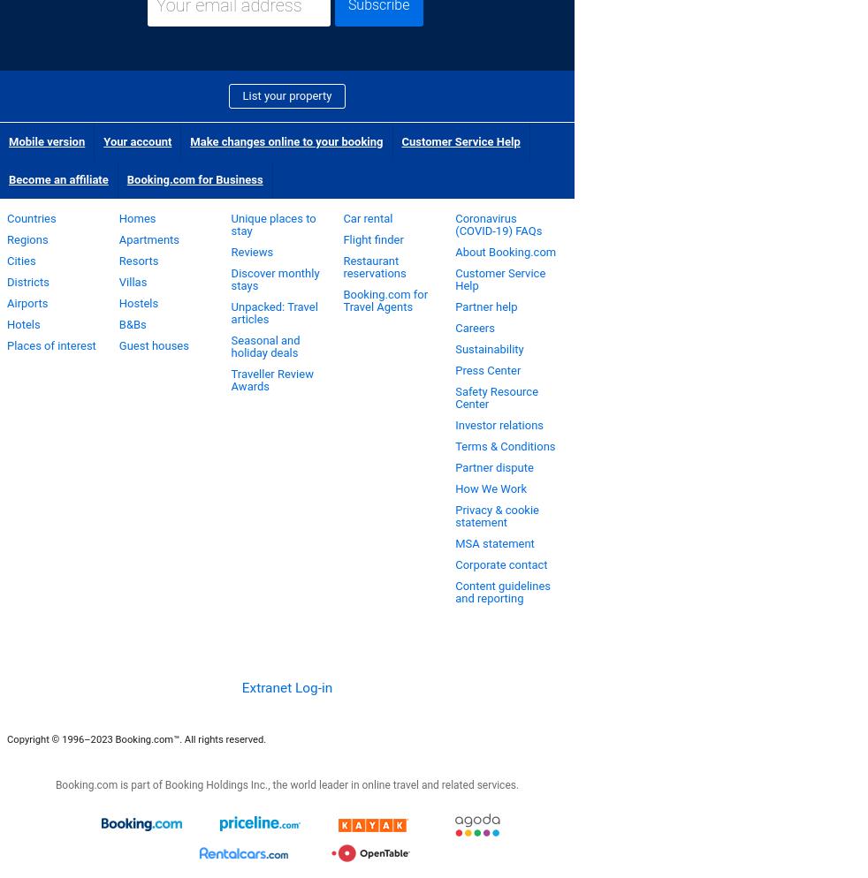 This screenshot has height=878, width=868. What do you see at coordinates (492, 467) in the screenshot?
I see `'Partner dispute'` at bounding box center [492, 467].